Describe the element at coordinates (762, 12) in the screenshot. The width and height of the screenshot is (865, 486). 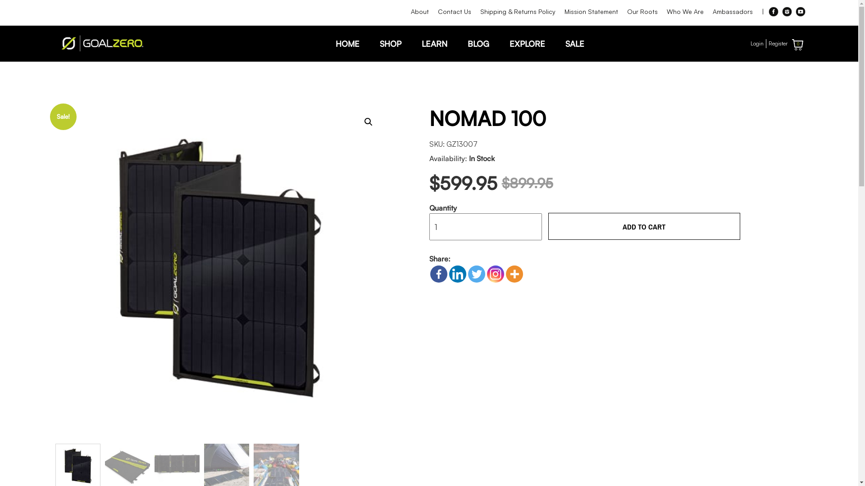
I see `'|'` at that location.